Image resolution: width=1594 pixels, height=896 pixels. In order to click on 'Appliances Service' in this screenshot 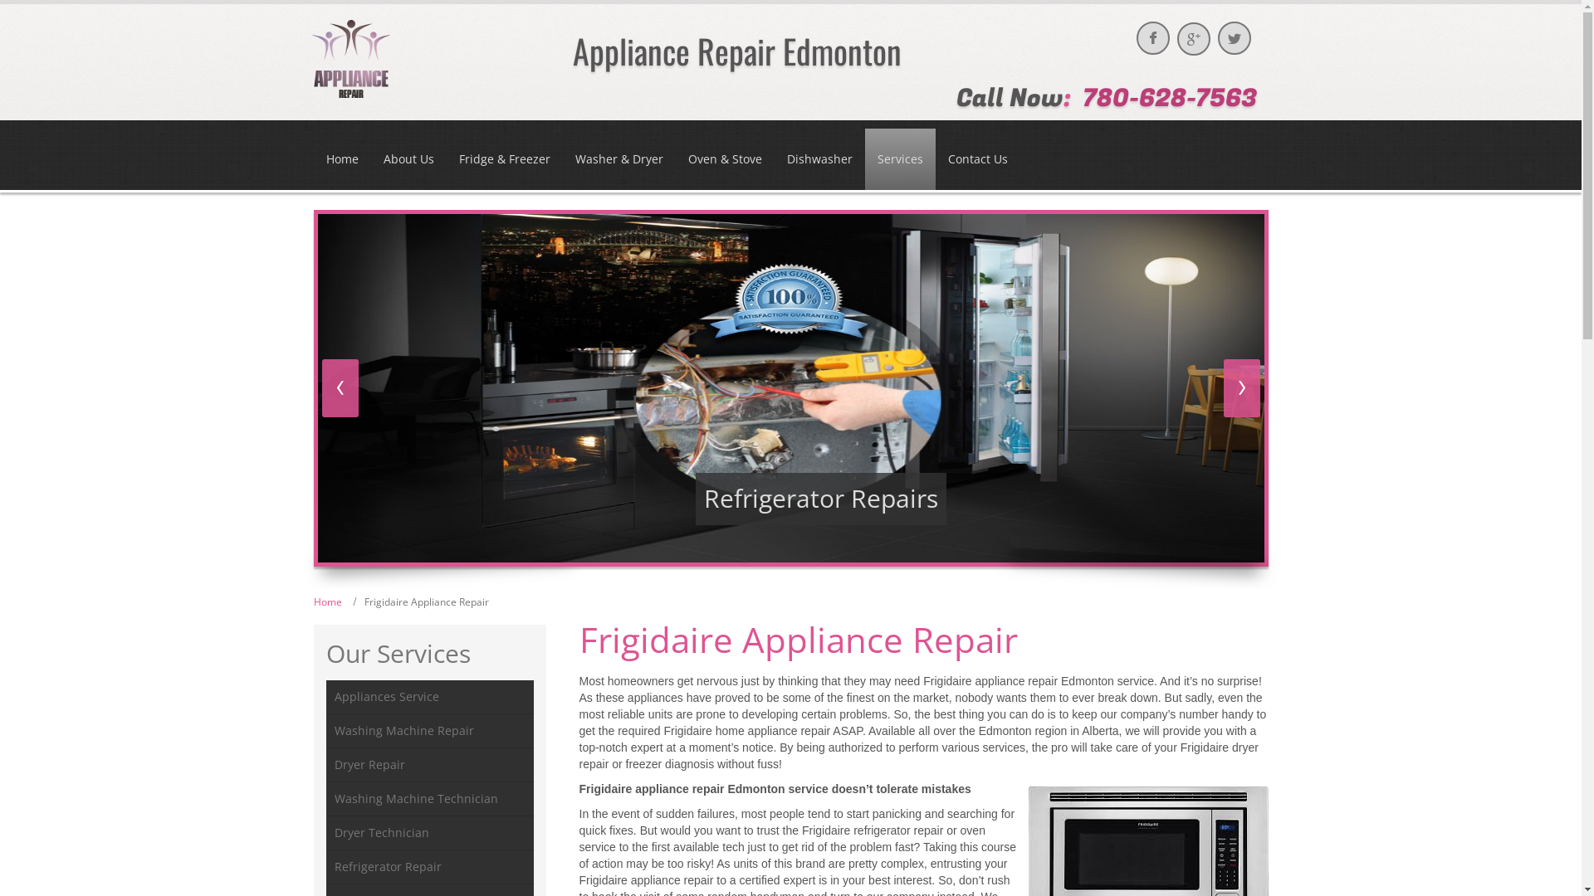, I will do `click(429, 697)`.